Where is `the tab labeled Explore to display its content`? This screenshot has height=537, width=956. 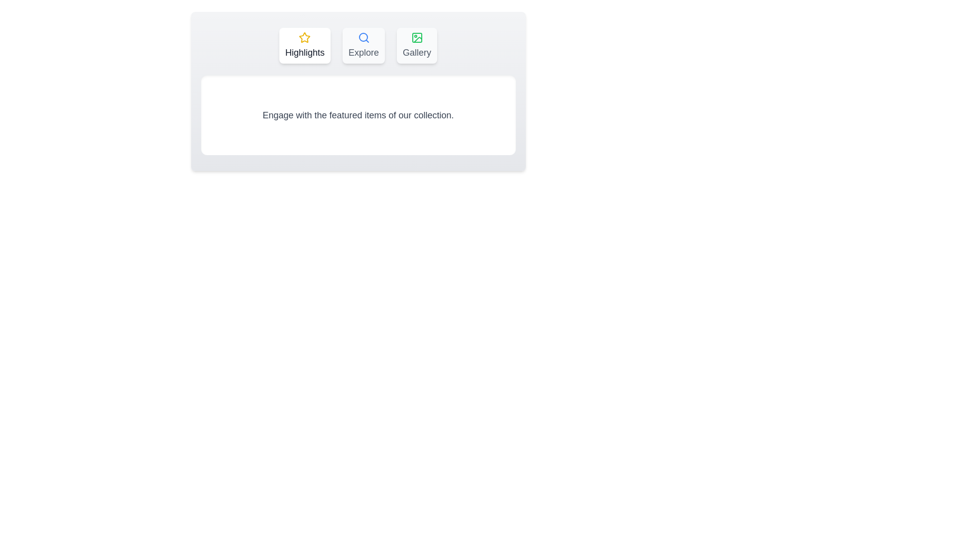
the tab labeled Explore to display its content is located at coordinates (362, 46).